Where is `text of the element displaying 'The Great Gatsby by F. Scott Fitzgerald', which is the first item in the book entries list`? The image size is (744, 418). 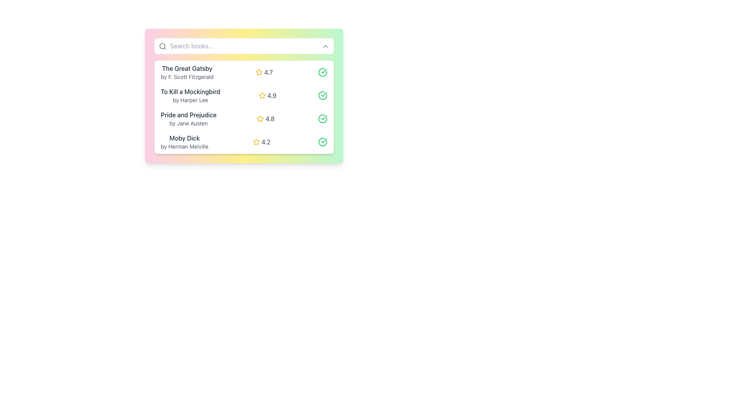
text of the element displaying 'The Great Gatsby by F. Scott Fitzgerald', which is the first item in the book entries list is located at coordinates (187, 72).